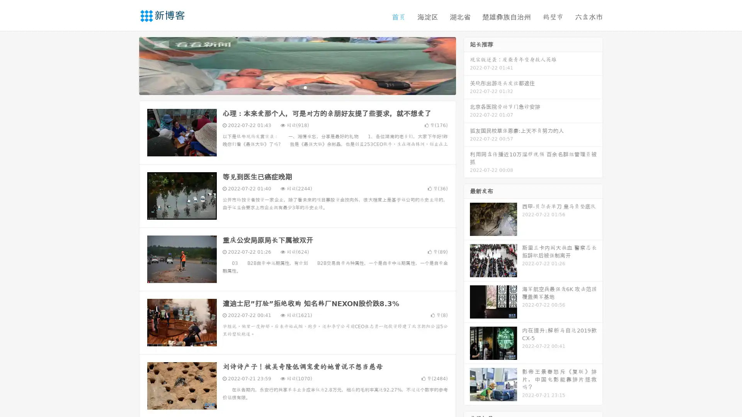 The height and width of the screenshot is (417, 742). I want to click on Go to slide 2, so click(297, 87).